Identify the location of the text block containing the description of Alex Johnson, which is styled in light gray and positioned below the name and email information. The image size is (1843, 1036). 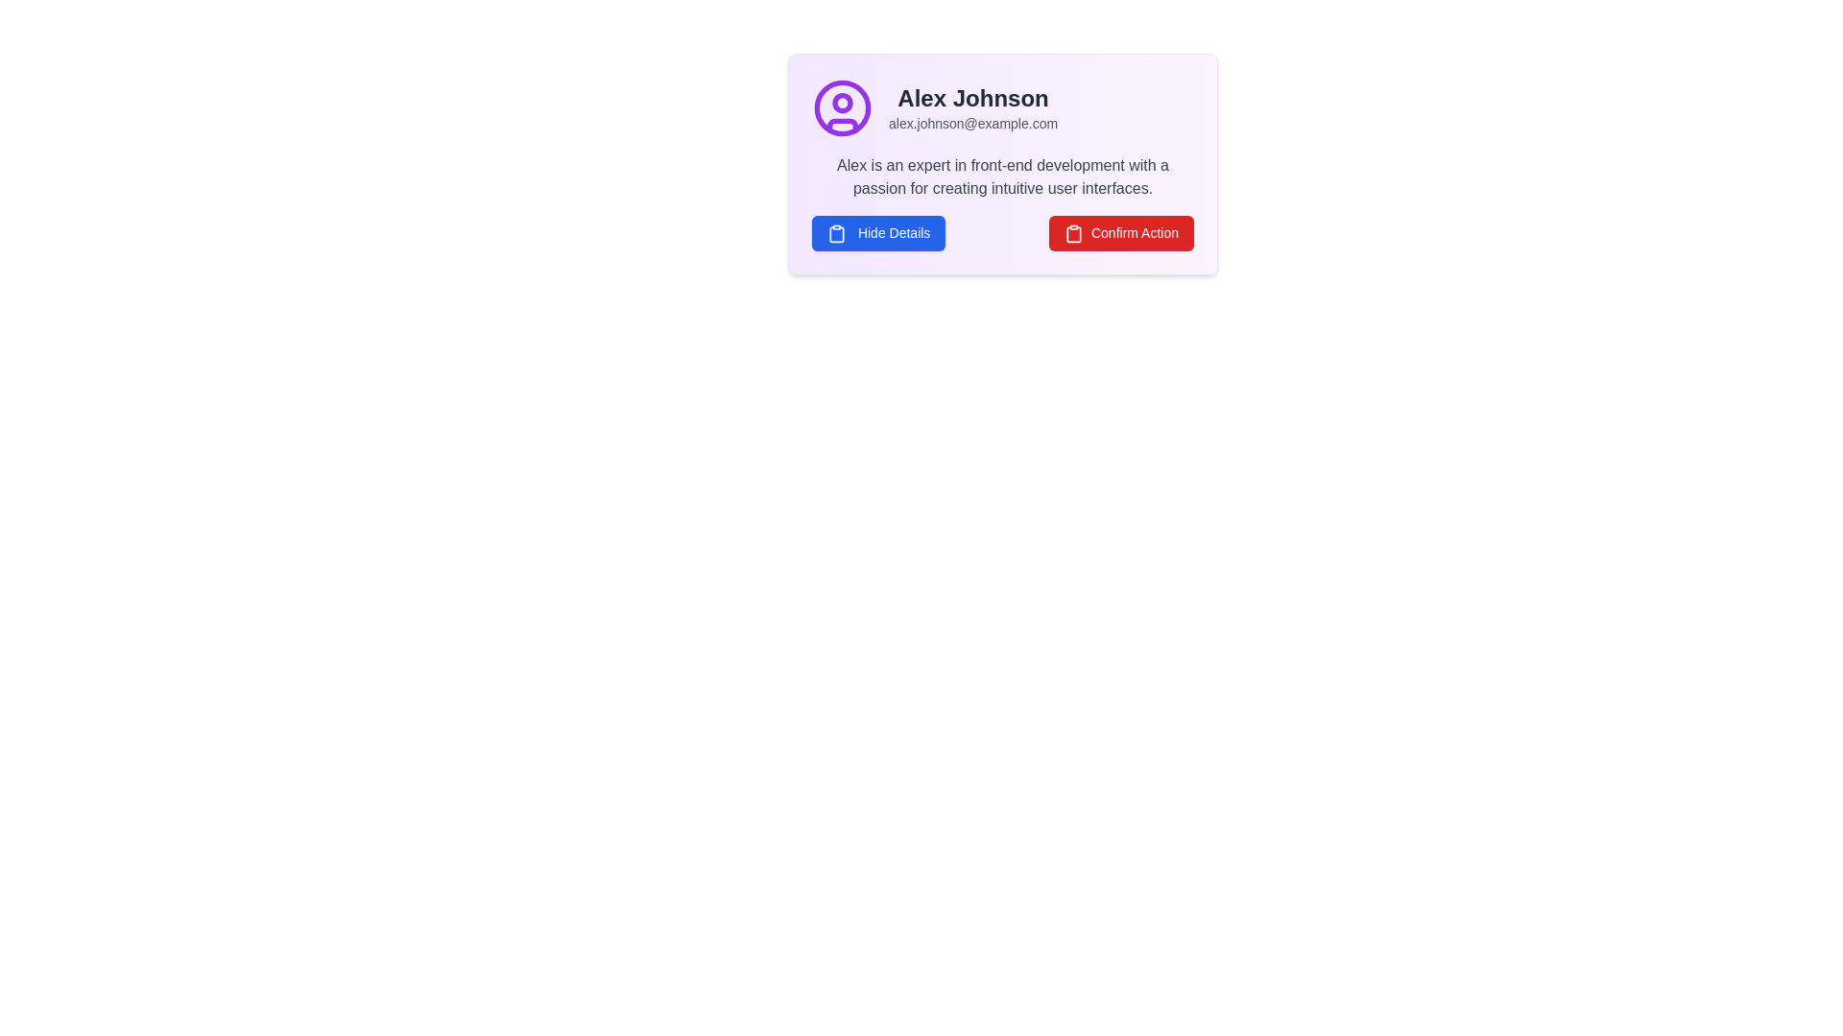
(1002, 177).